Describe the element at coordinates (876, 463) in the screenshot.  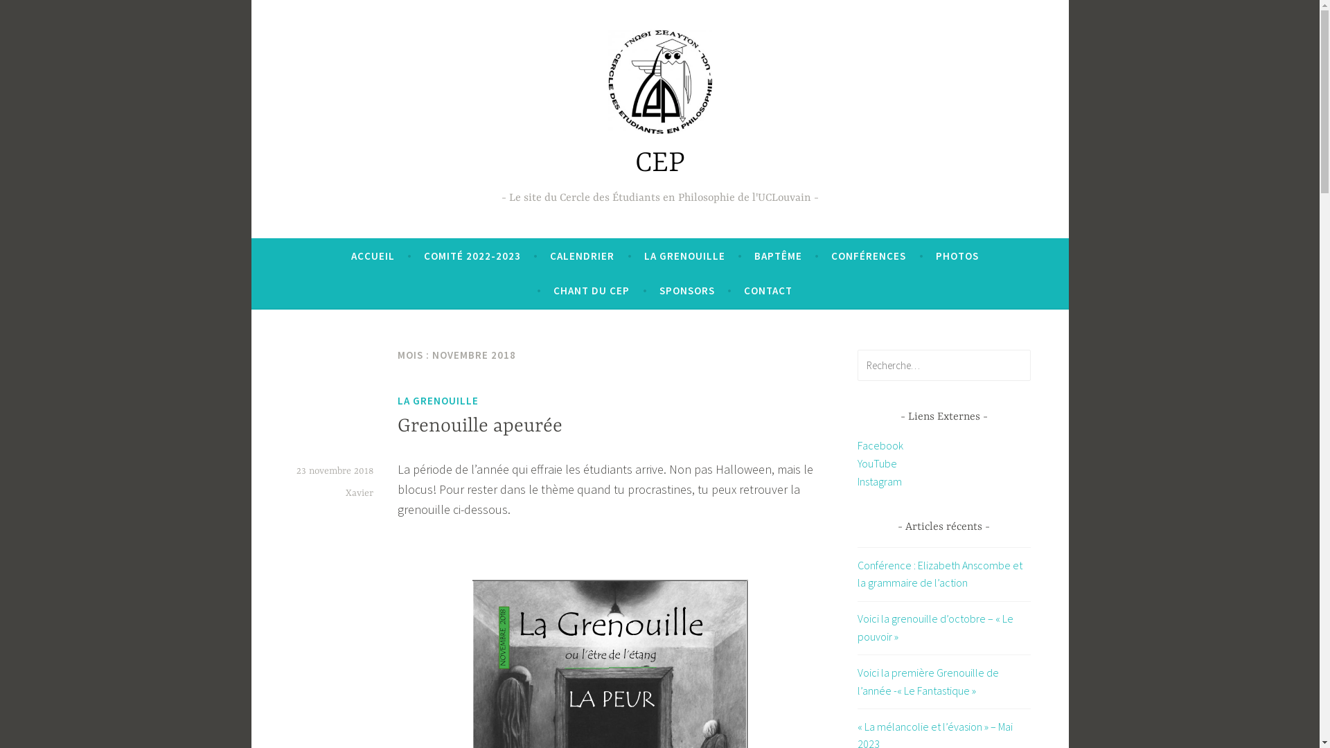
I see `'YouTube'` at that location.